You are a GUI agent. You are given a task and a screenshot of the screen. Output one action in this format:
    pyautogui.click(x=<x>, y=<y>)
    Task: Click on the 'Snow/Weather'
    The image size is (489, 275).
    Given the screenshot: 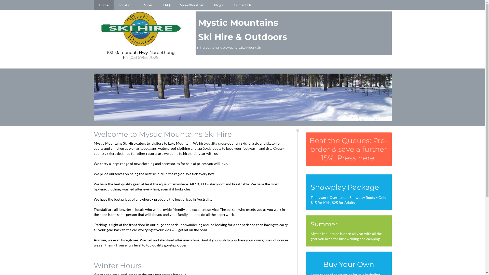 What is the action you would take?
    pyautogui.click(x=191, y=5)
    